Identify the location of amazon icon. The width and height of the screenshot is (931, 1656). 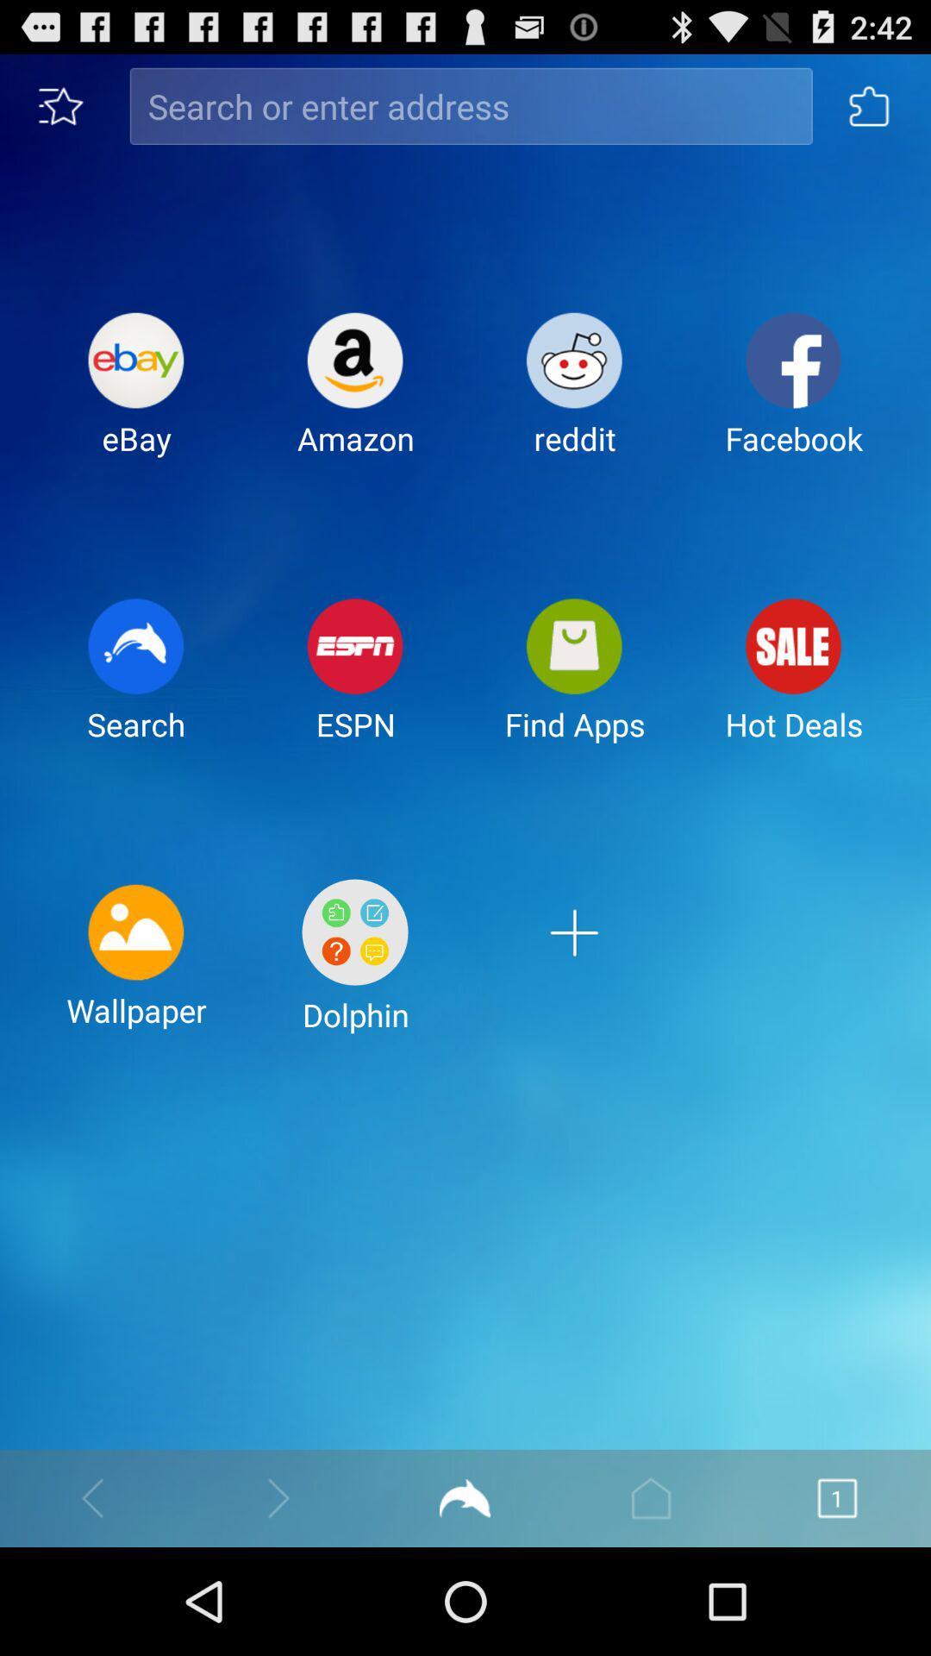
(354, 397).